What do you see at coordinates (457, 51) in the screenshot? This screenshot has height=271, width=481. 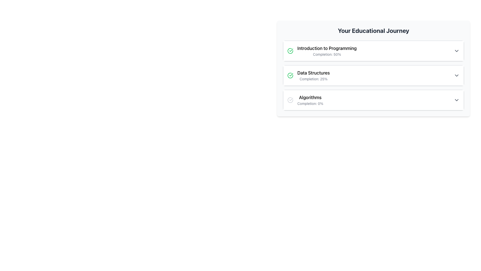 I see `the downward arrow icon (chevron-down) at the rightmost end of the 'Introduction to Programming' section` at bounding box center [457, 51].